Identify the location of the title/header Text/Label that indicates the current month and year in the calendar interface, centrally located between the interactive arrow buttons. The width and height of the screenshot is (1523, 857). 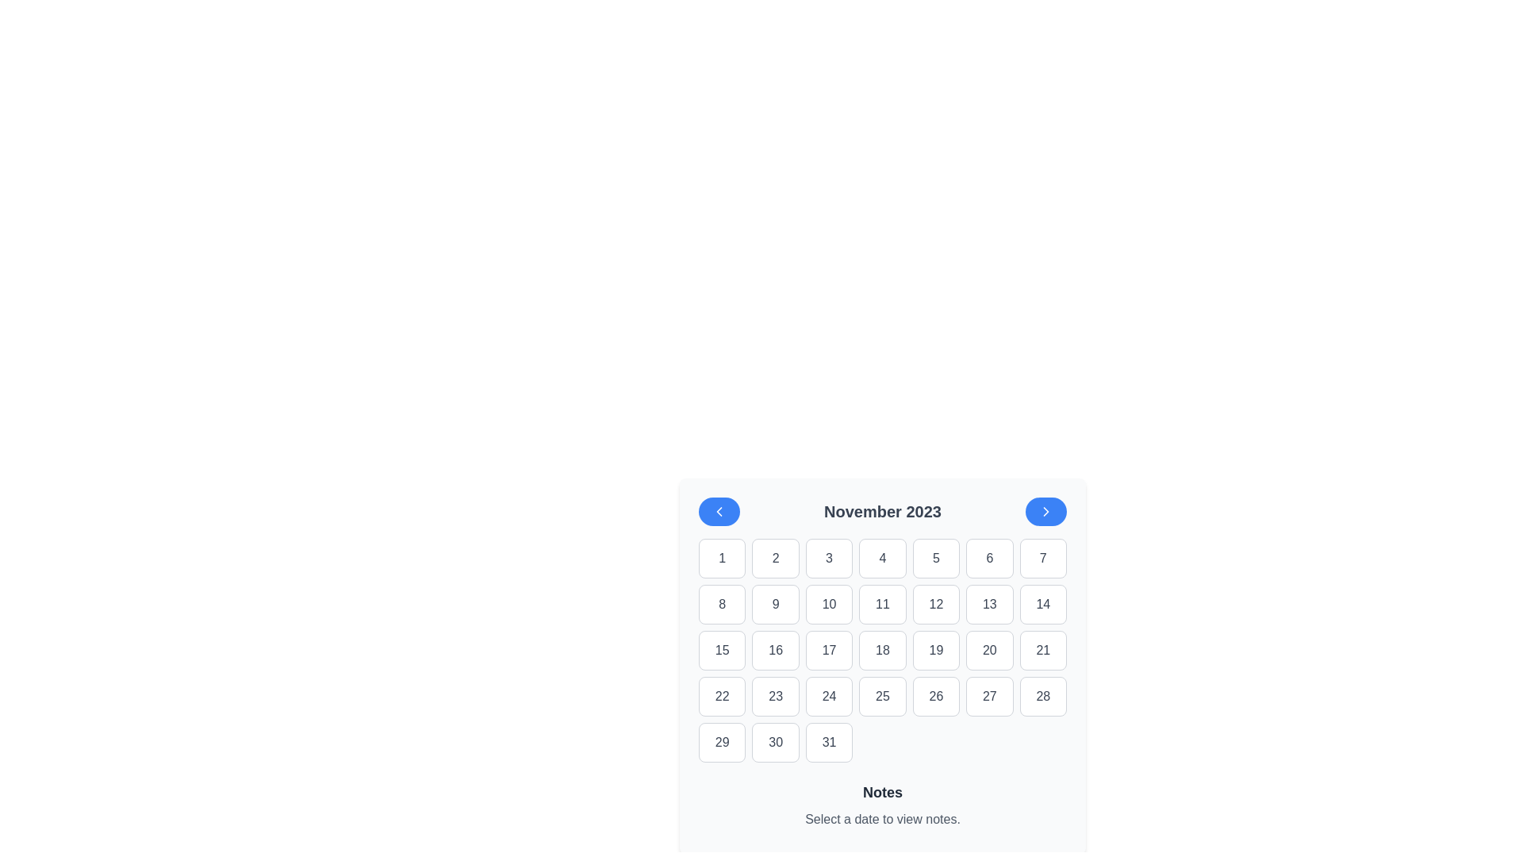
(882, 511).